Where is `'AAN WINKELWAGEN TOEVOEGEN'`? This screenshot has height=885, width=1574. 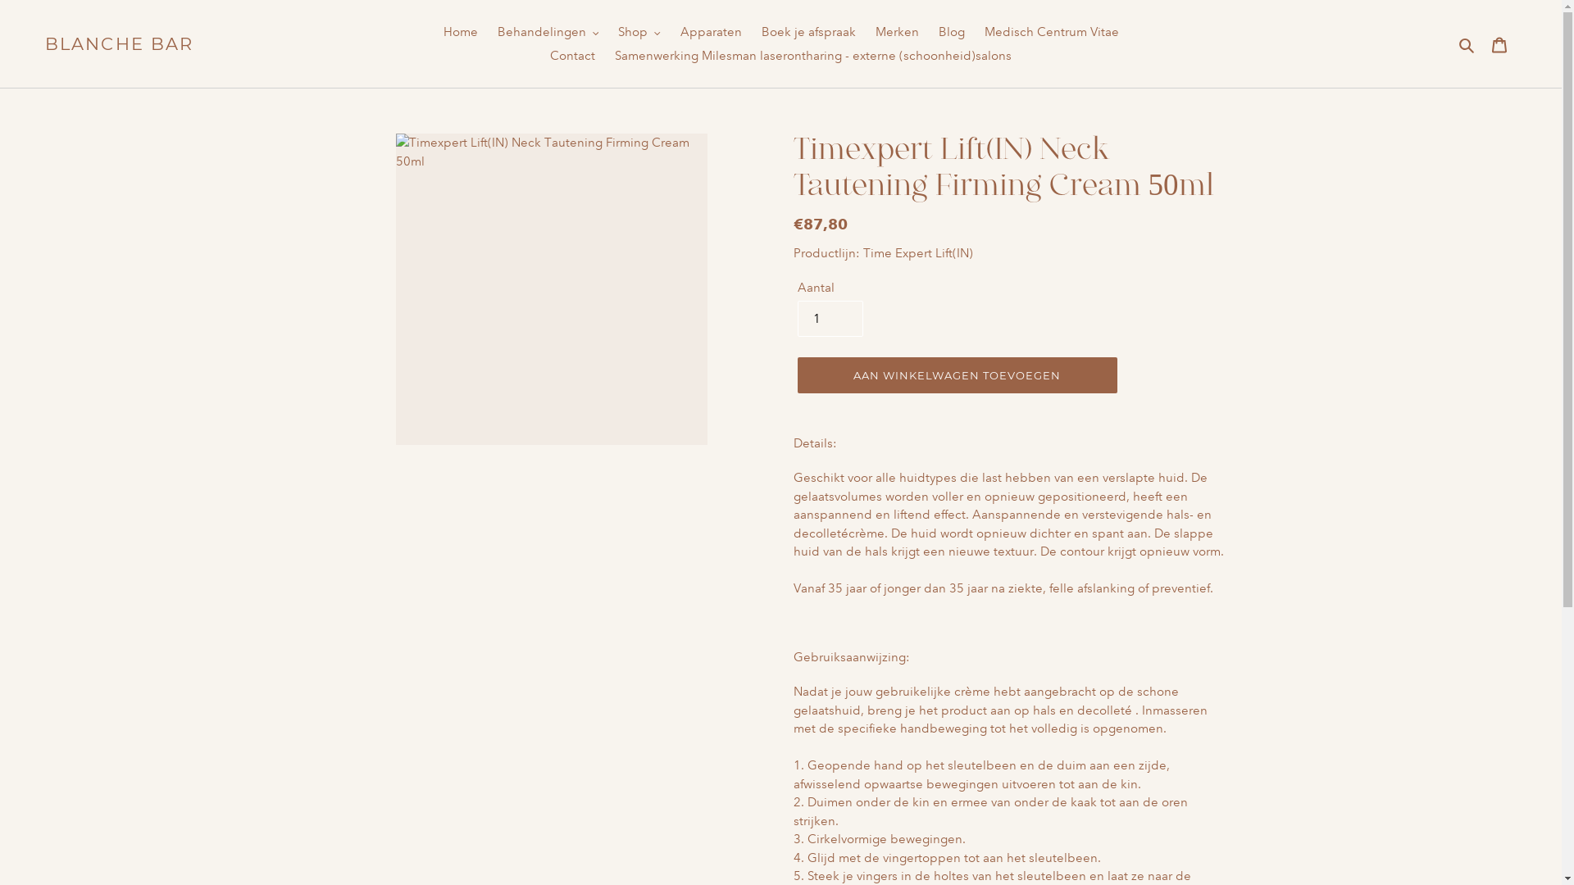 'AAN WINKELWAGEN TOEVOEGEN' is located at coordinates (956, 375).